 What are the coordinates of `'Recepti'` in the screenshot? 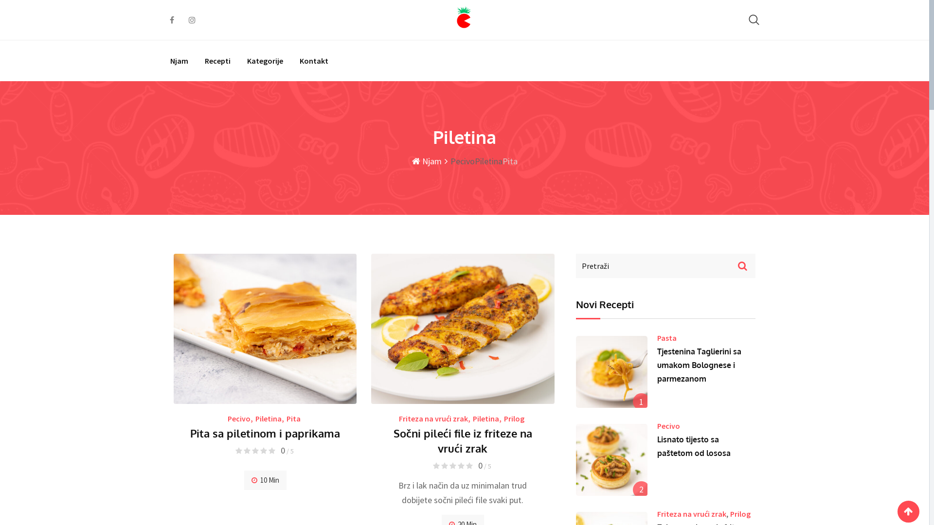 It's located at (217, 60).